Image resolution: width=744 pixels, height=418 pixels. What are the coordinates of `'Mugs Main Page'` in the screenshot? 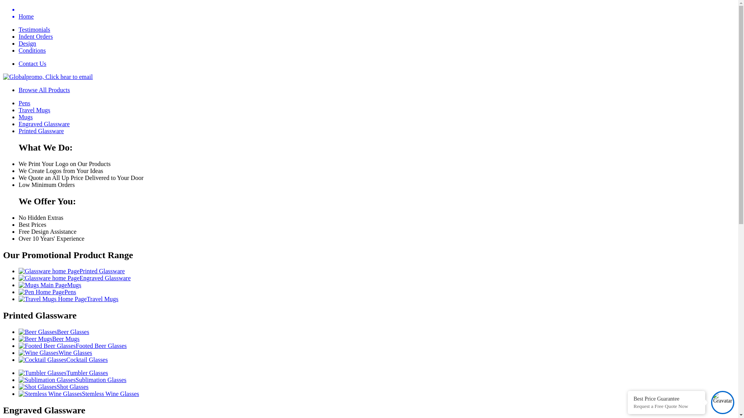 It's located at (42, 285).